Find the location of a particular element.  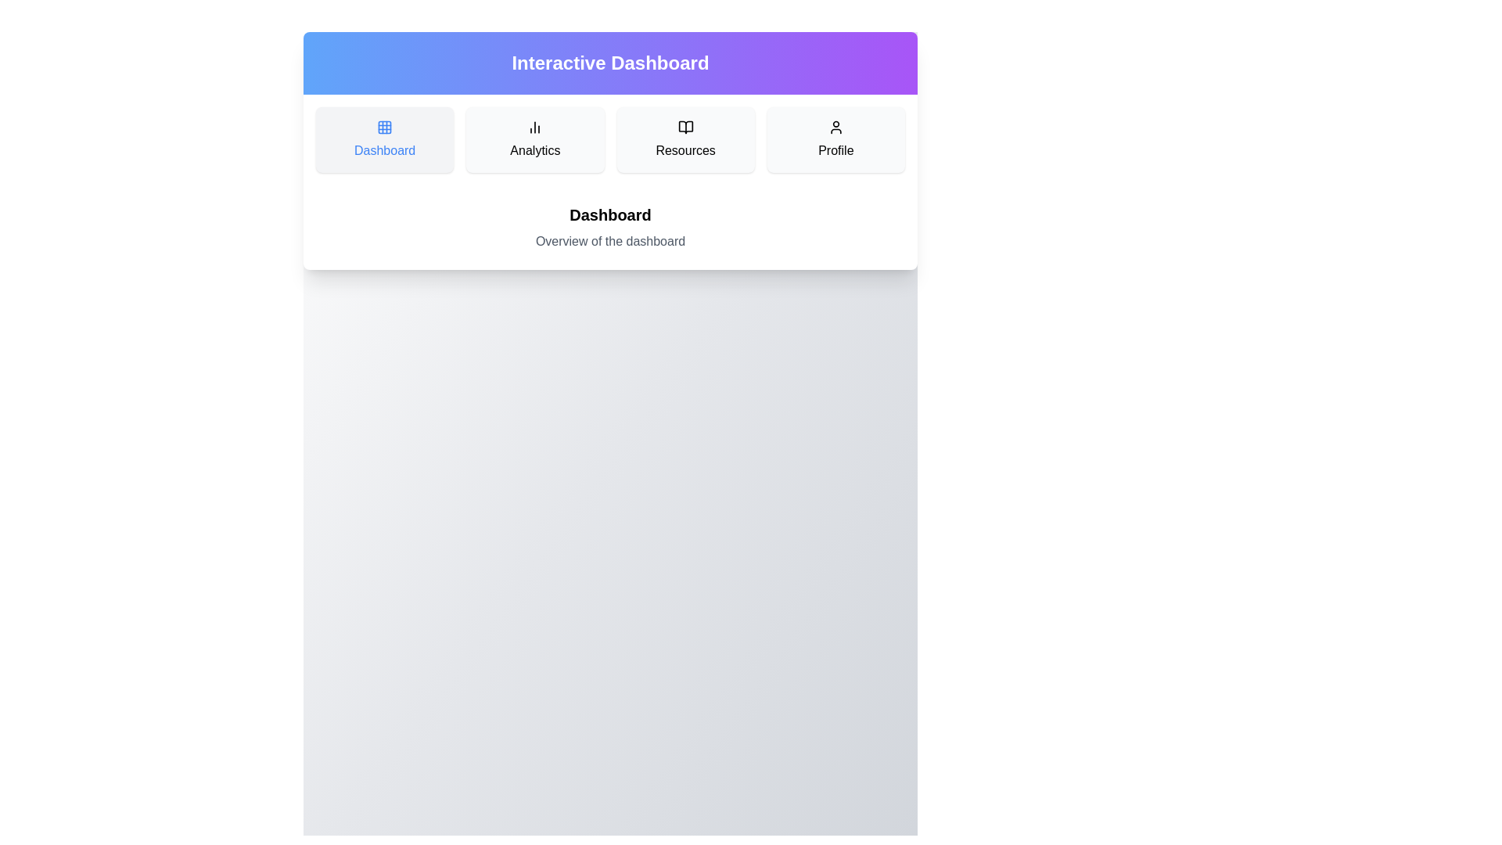

the Dashboard section by clicking on its button is located at coordinates (385, 138).